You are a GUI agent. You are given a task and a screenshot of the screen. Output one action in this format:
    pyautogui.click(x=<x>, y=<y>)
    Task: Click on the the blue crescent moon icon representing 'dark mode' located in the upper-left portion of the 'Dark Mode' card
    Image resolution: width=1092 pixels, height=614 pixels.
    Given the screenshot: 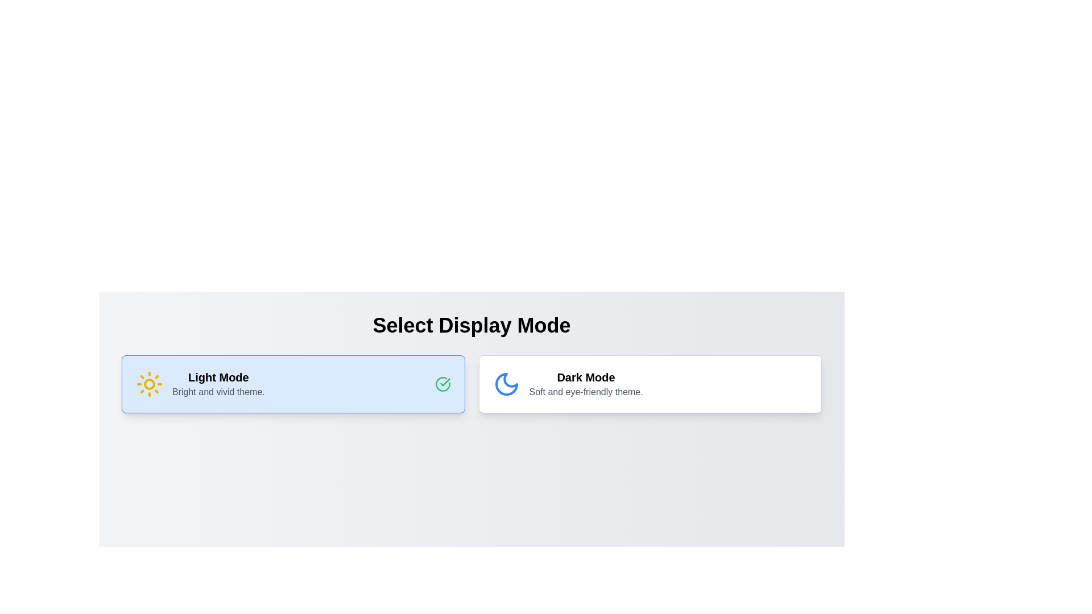 What is the action you would take?
    pyautogui.click(x=506, y=384)
    